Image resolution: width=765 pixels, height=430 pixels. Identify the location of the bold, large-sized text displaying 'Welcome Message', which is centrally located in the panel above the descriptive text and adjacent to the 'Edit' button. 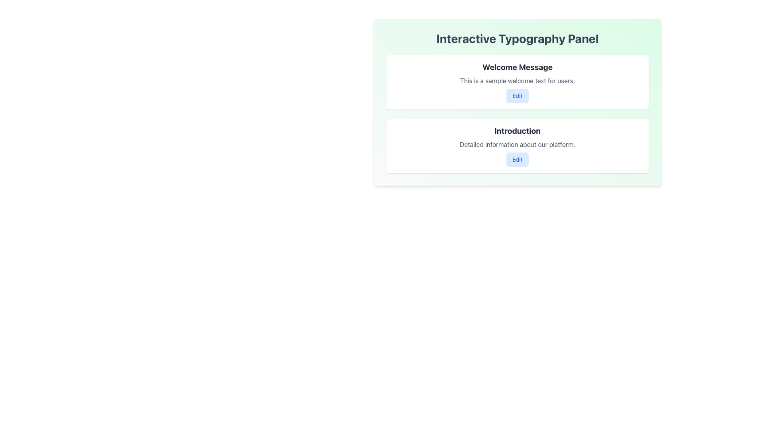
(518, 67).